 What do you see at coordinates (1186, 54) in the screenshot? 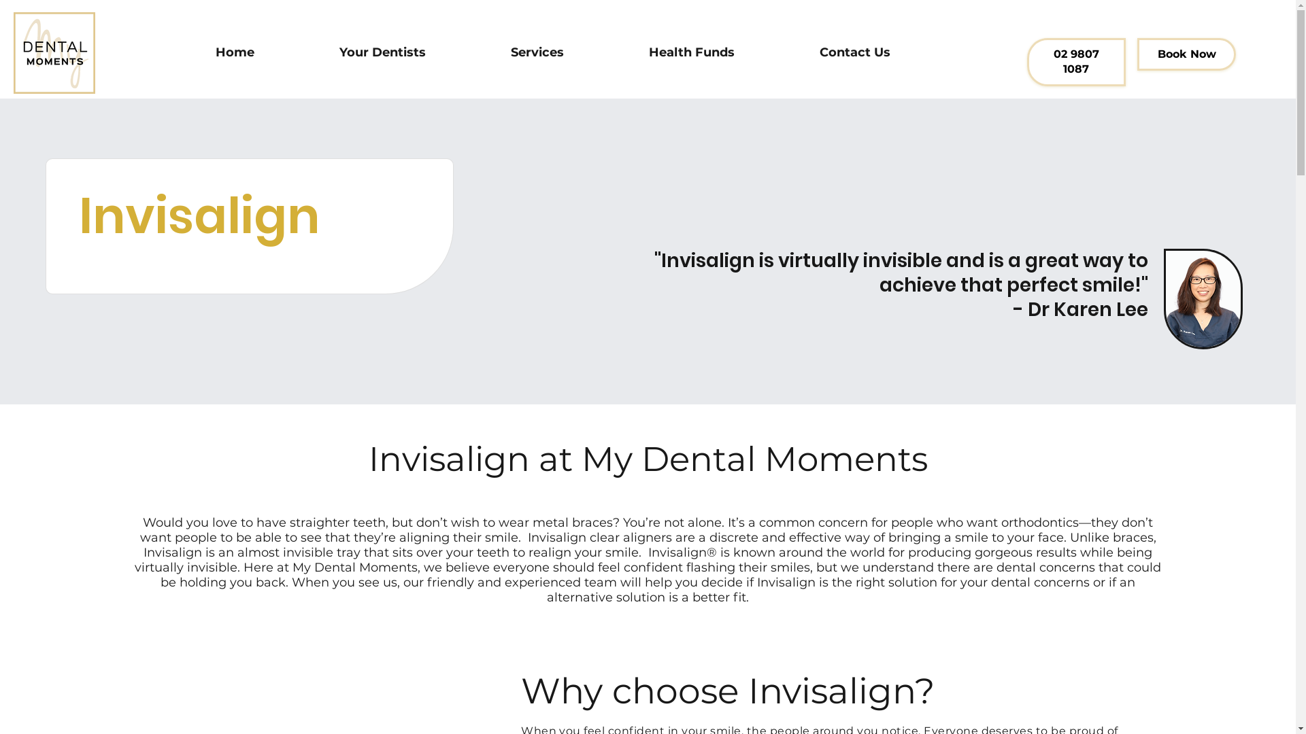
I see `'Book Now'` at bounding box center [1186, 54].